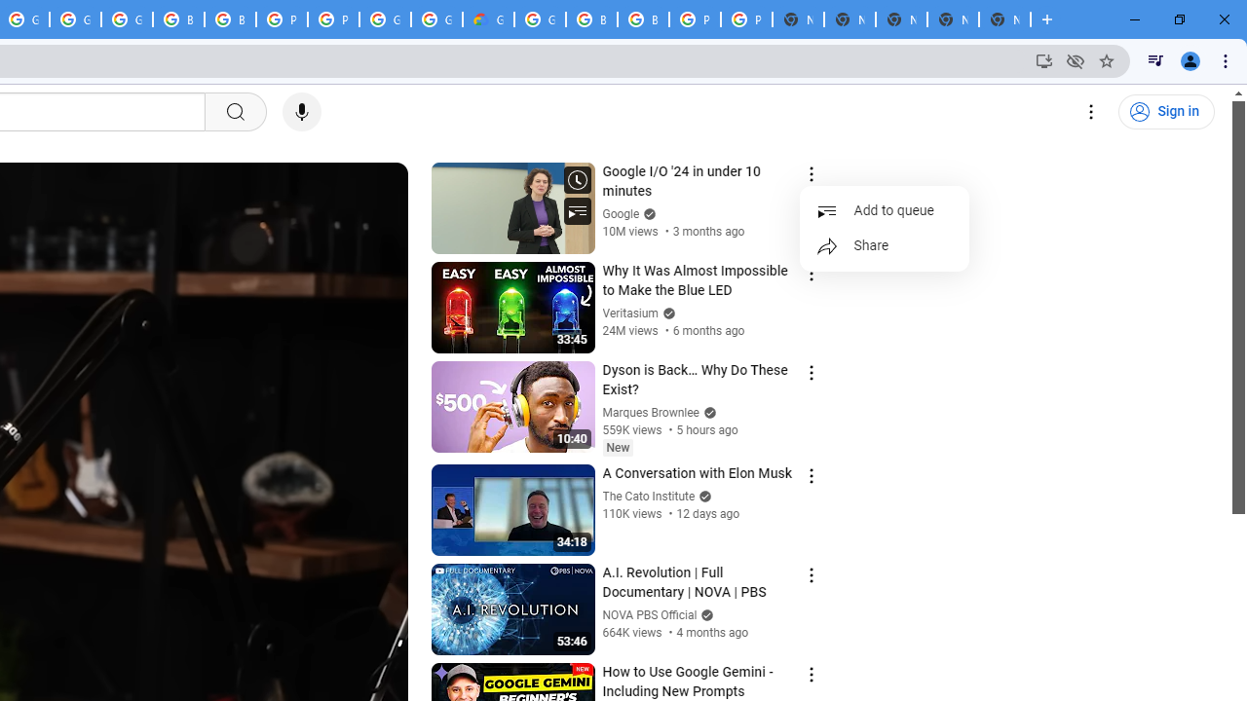  I want to click on 'Browse Chrome as a guest - Computer - Google Chrome Help', so click(178, 19).